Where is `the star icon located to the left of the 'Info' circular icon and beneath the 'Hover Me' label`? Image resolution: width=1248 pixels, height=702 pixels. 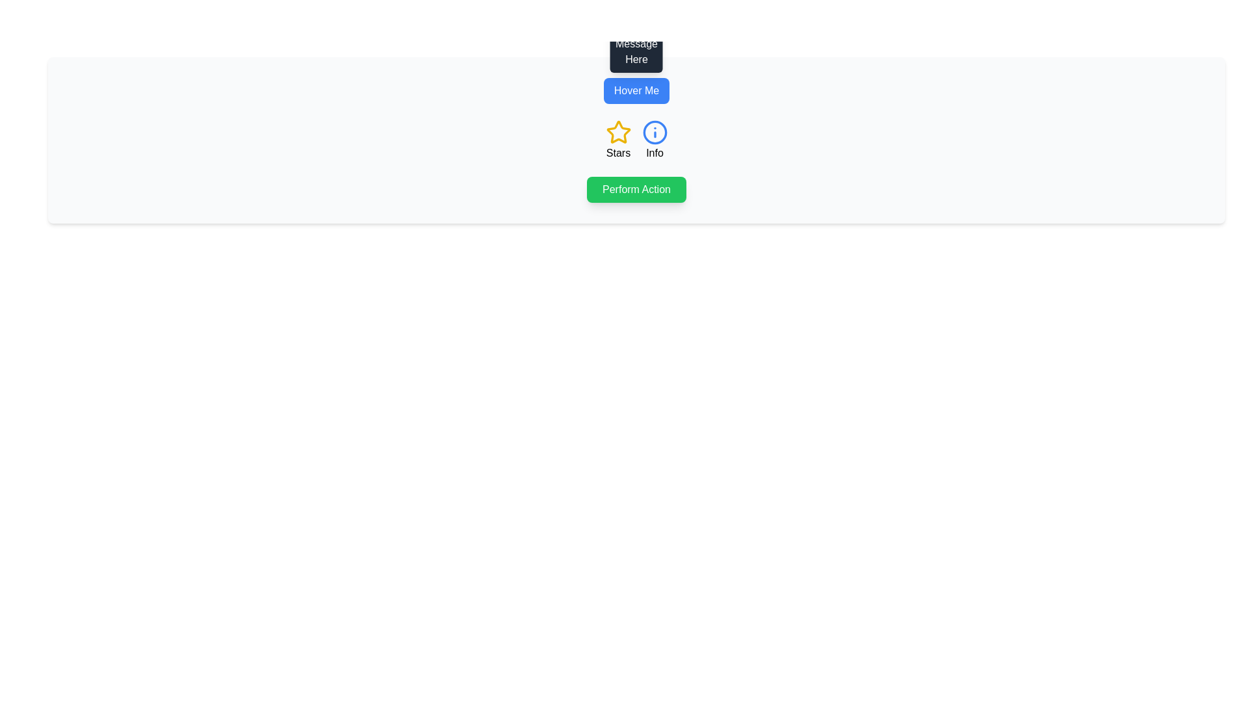
the star icon located to the left of the 'Info' circular icon and beneath the 'Hover Me' label is located at coordinates (617, 133).